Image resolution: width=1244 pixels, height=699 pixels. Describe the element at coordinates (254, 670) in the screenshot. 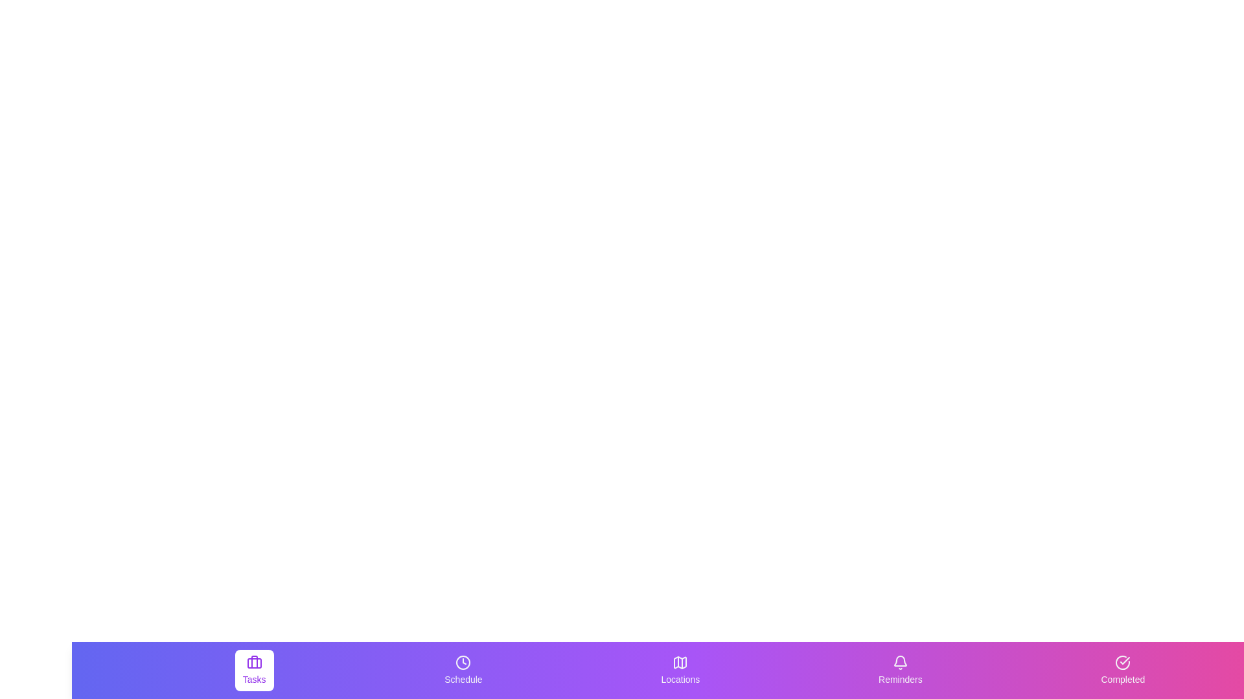

I see `the Tasks tab` at that location.